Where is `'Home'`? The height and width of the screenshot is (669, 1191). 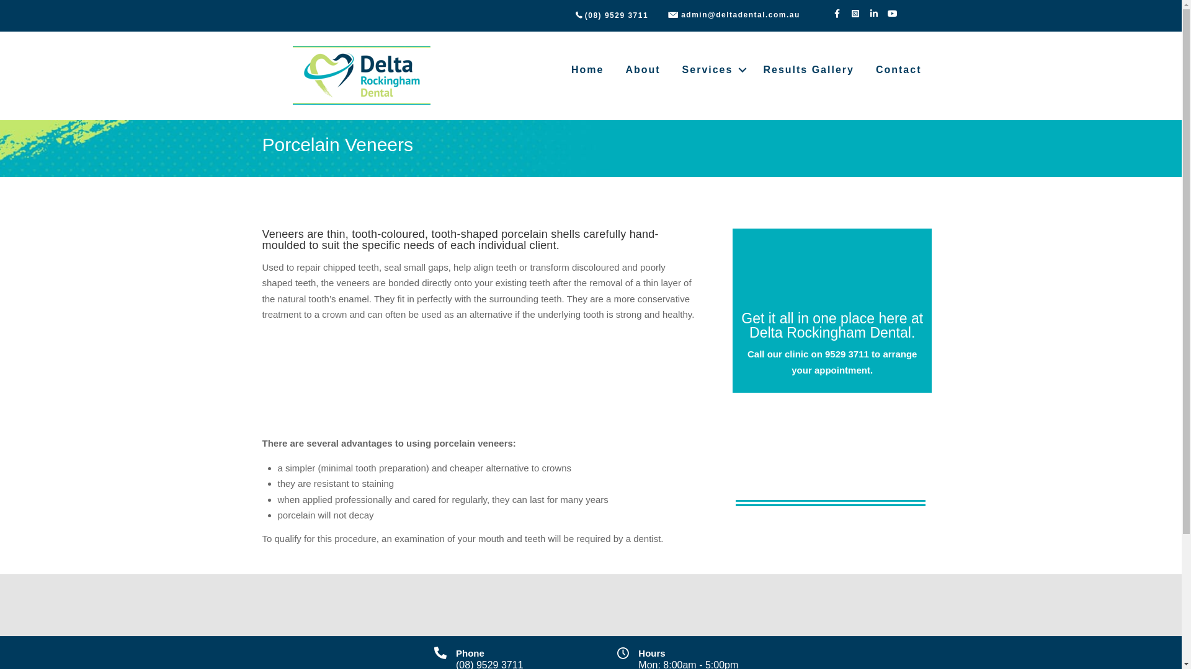 'Home' is located at coordinates (586, 69).